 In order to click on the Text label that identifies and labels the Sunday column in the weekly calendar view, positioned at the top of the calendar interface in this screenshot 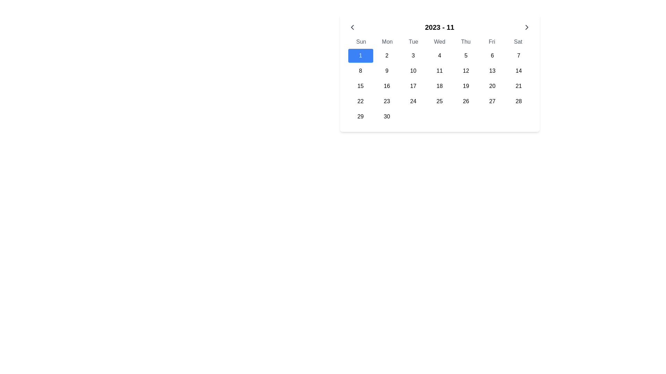, I will do `click(361, 42)`.